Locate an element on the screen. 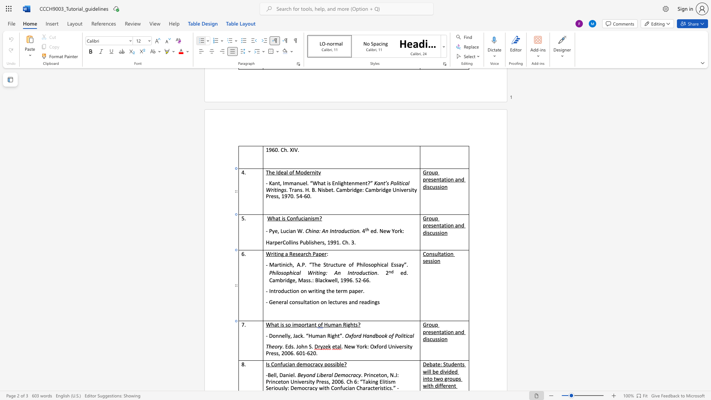  the 1th character "n" in the text is located at coordinates (277, 302).